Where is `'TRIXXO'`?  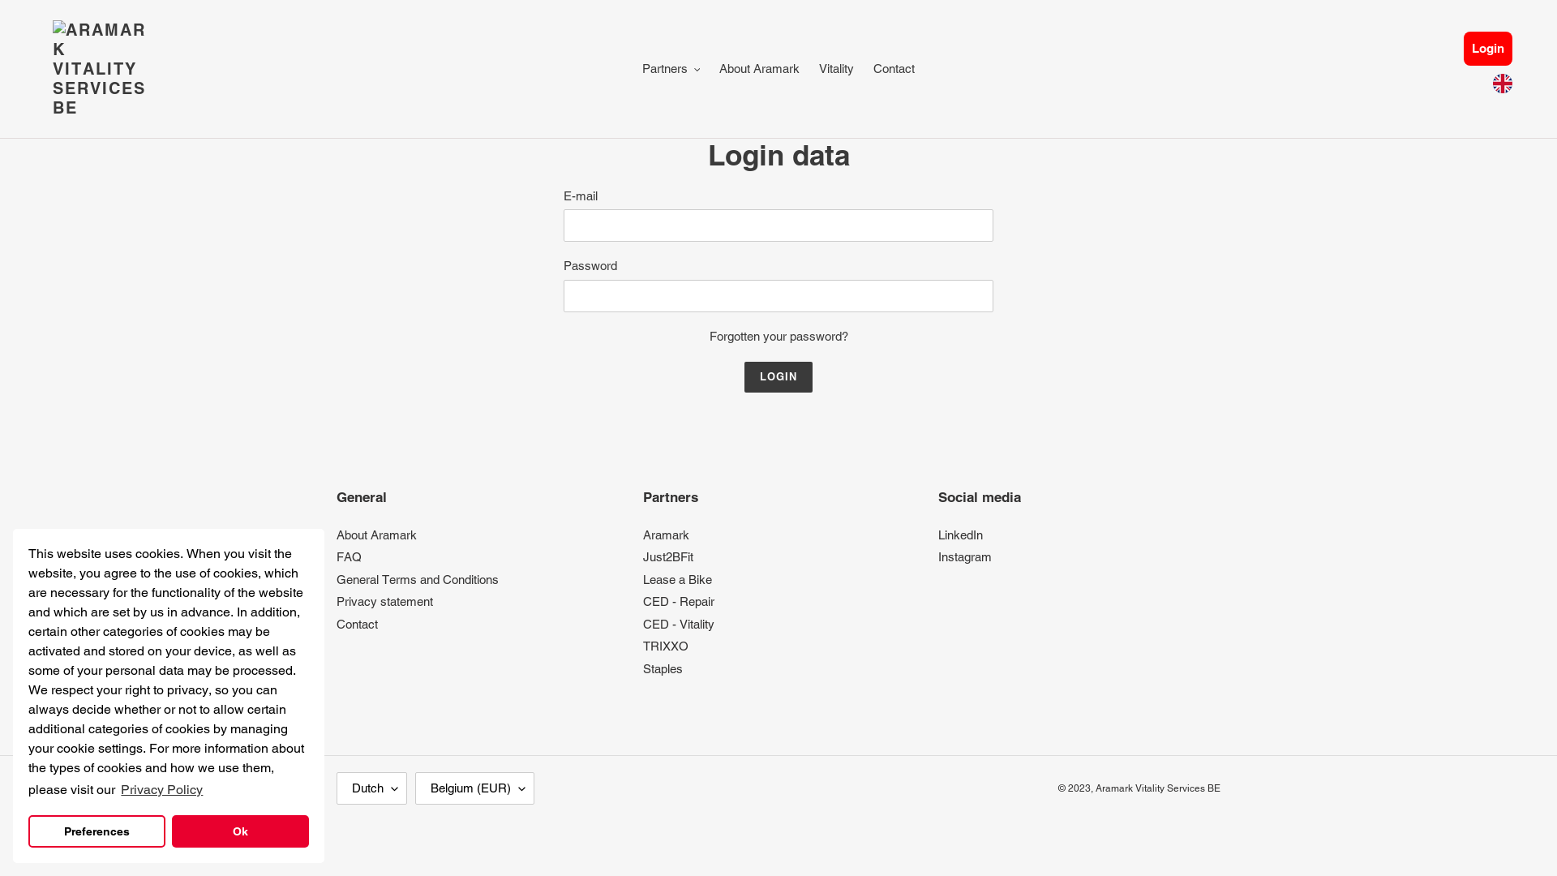
'TRIXXO' is located at coordinates (665, 645).